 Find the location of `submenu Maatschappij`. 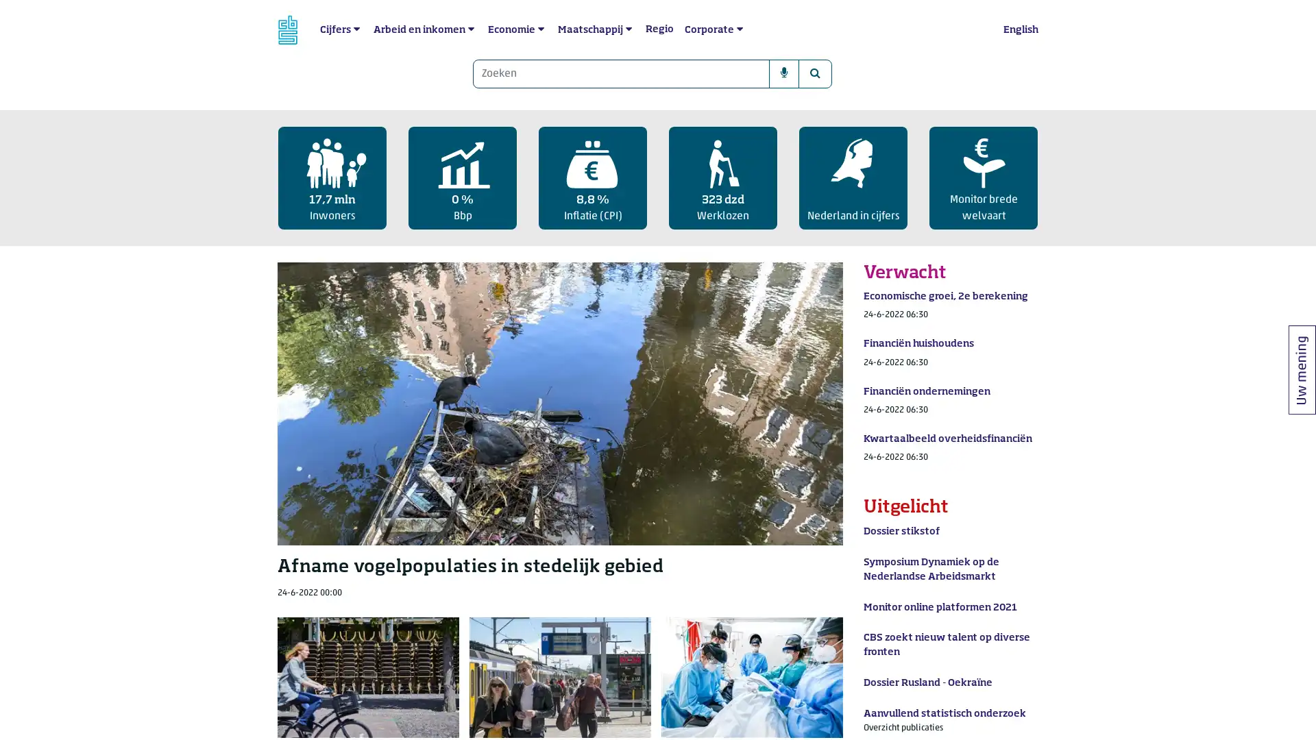

submenu Maatschappij is located at coordinates (628, 29).